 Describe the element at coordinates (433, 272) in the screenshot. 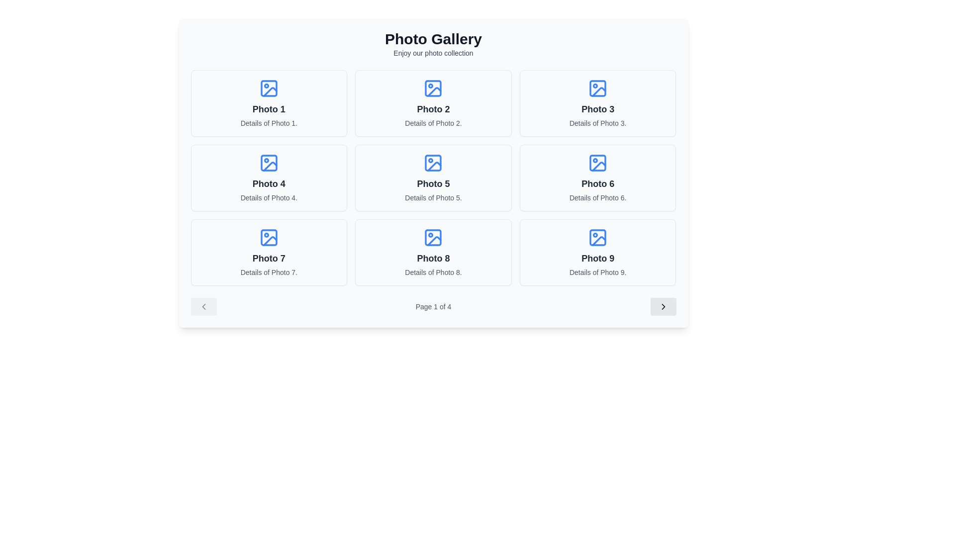

I see `text label located underneath the bold header 'Photo 8' within the card associated with 'Photo 8' for additional information` at that location.